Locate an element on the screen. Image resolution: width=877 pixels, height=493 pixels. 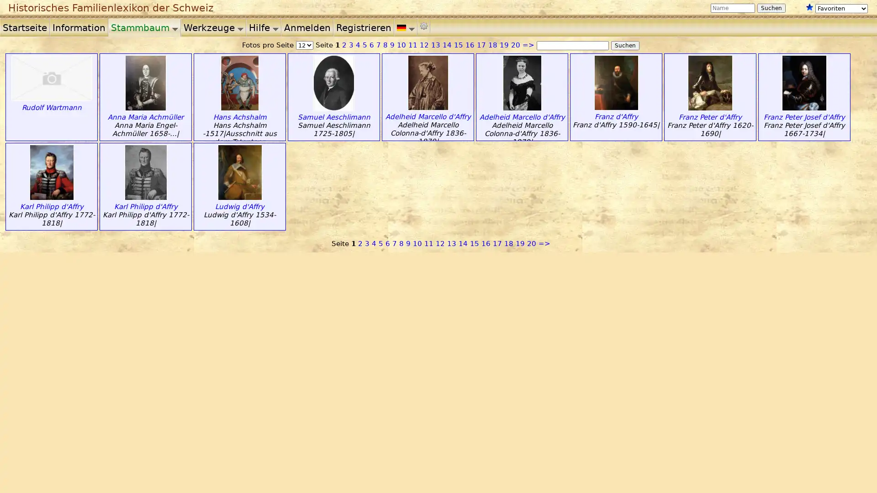
Suchen is located at coordinates (624, 46).